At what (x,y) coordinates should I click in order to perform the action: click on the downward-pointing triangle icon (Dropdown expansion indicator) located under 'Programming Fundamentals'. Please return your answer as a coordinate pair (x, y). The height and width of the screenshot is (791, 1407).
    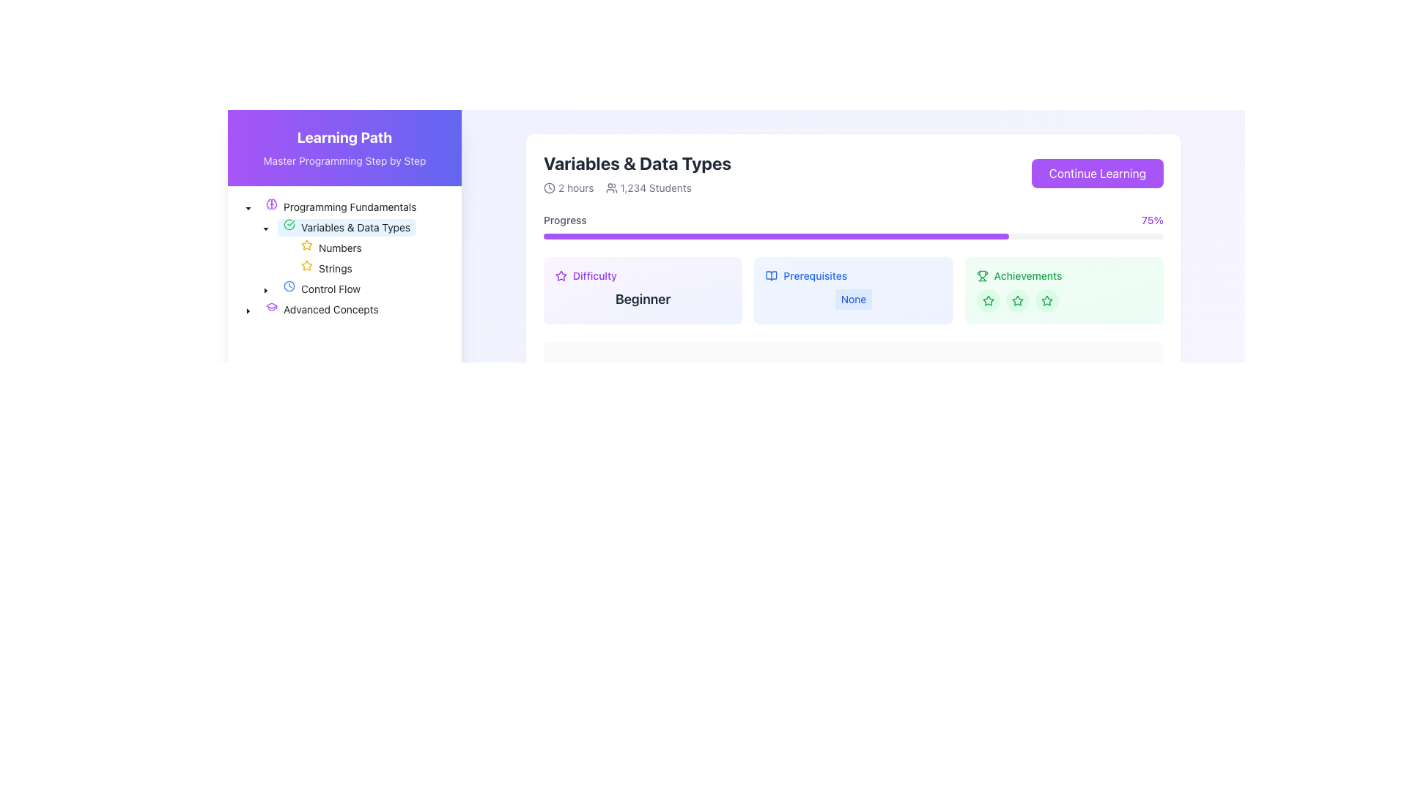
    Looking at the image, I should click on (248, 209).